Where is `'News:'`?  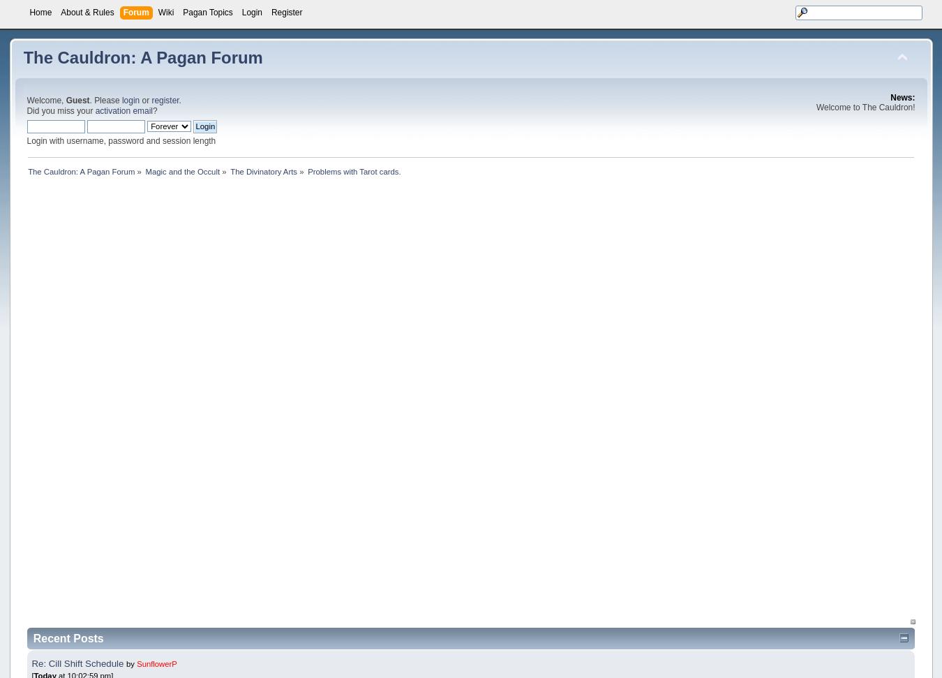 'News:' is located at coordinates (902, 97).